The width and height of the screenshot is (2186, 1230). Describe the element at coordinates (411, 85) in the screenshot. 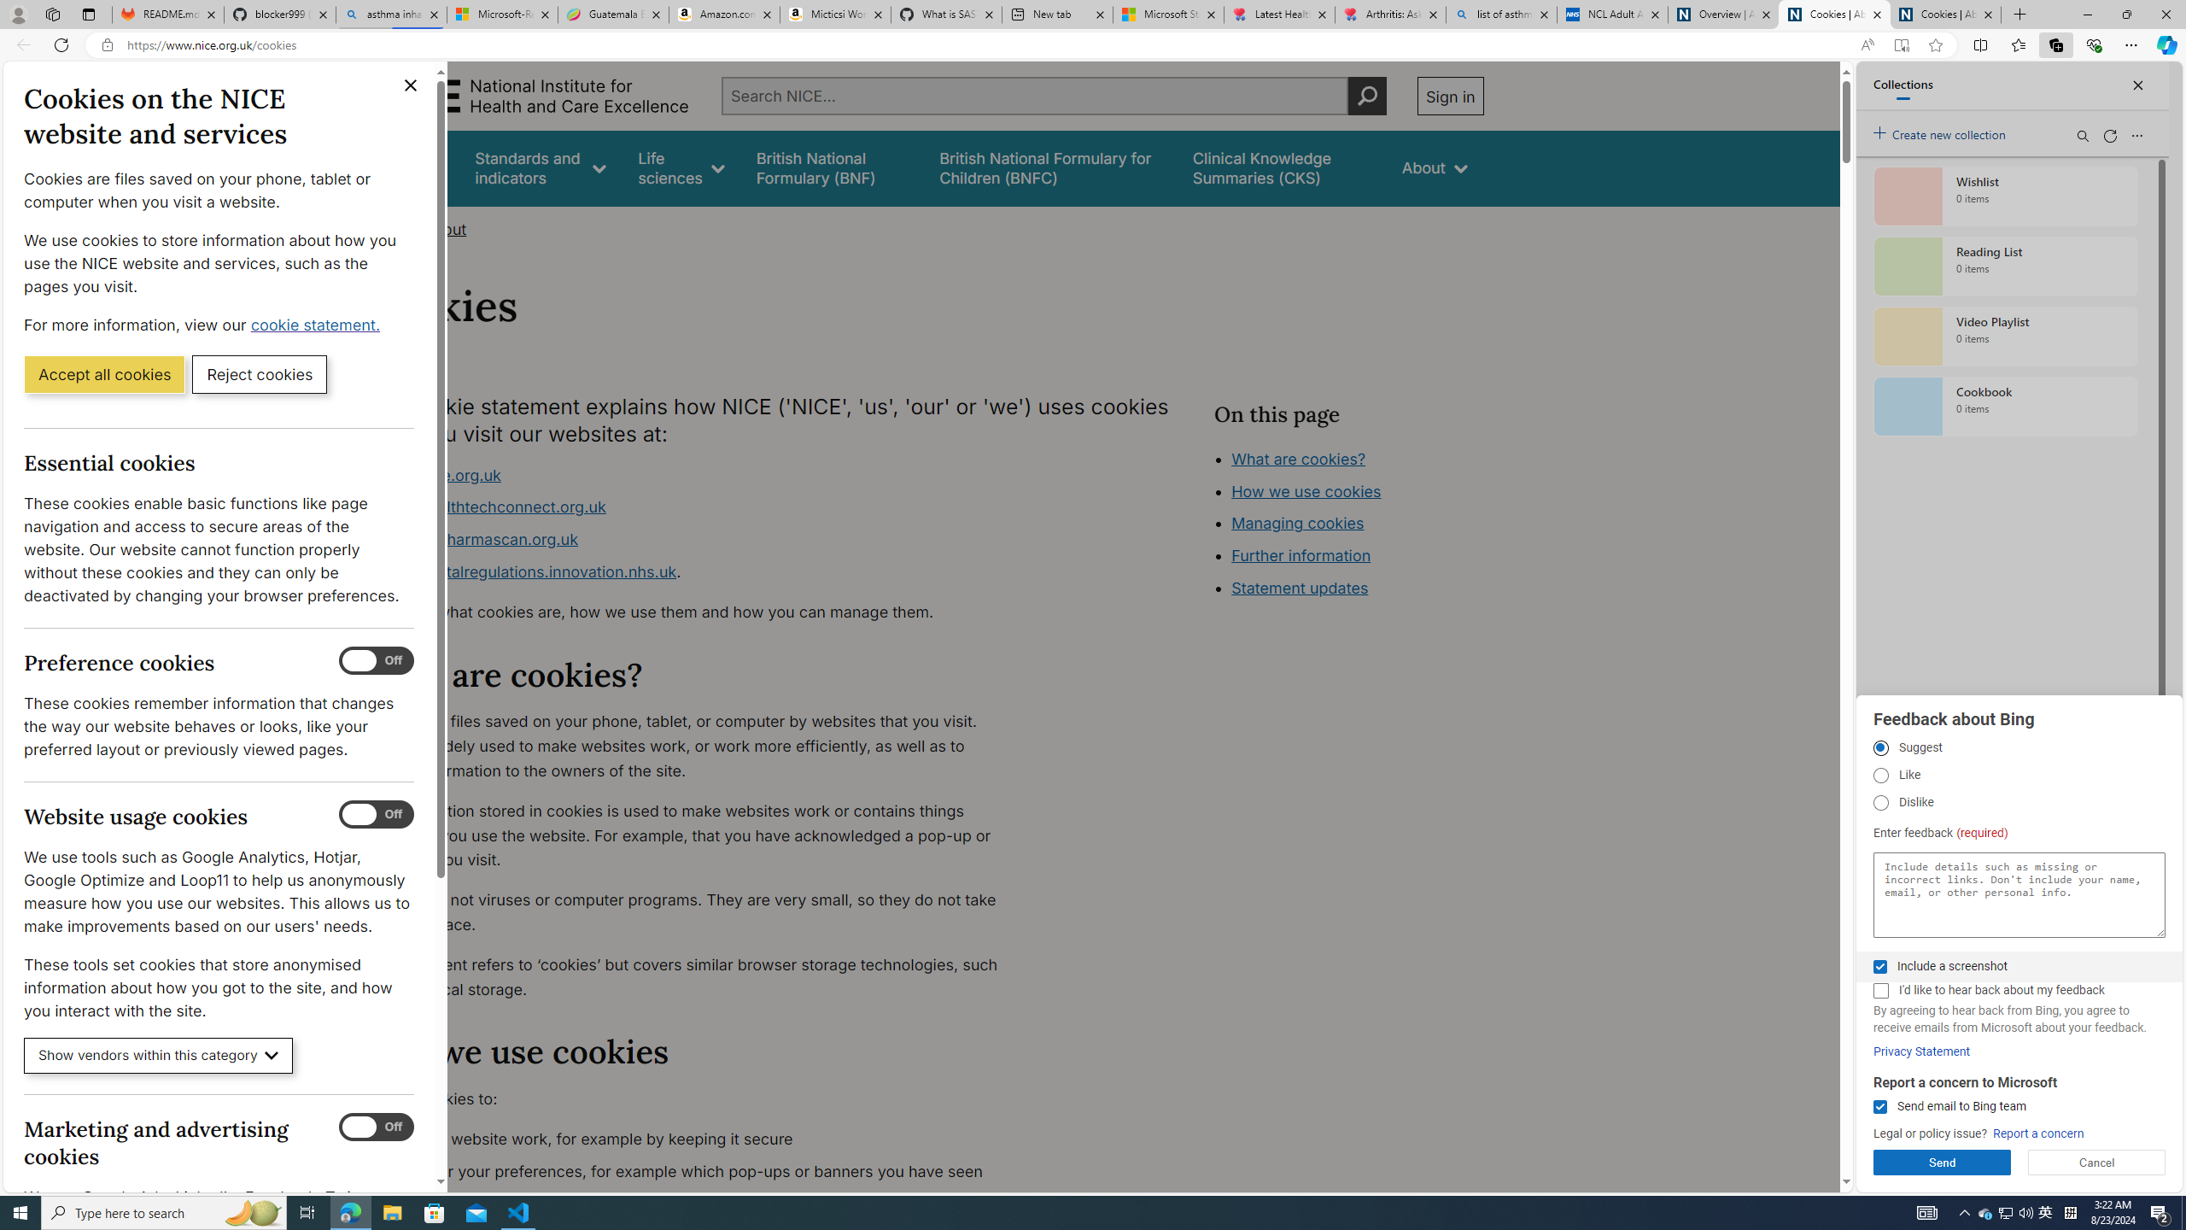

I see `'Close cookie banner'` at that location.